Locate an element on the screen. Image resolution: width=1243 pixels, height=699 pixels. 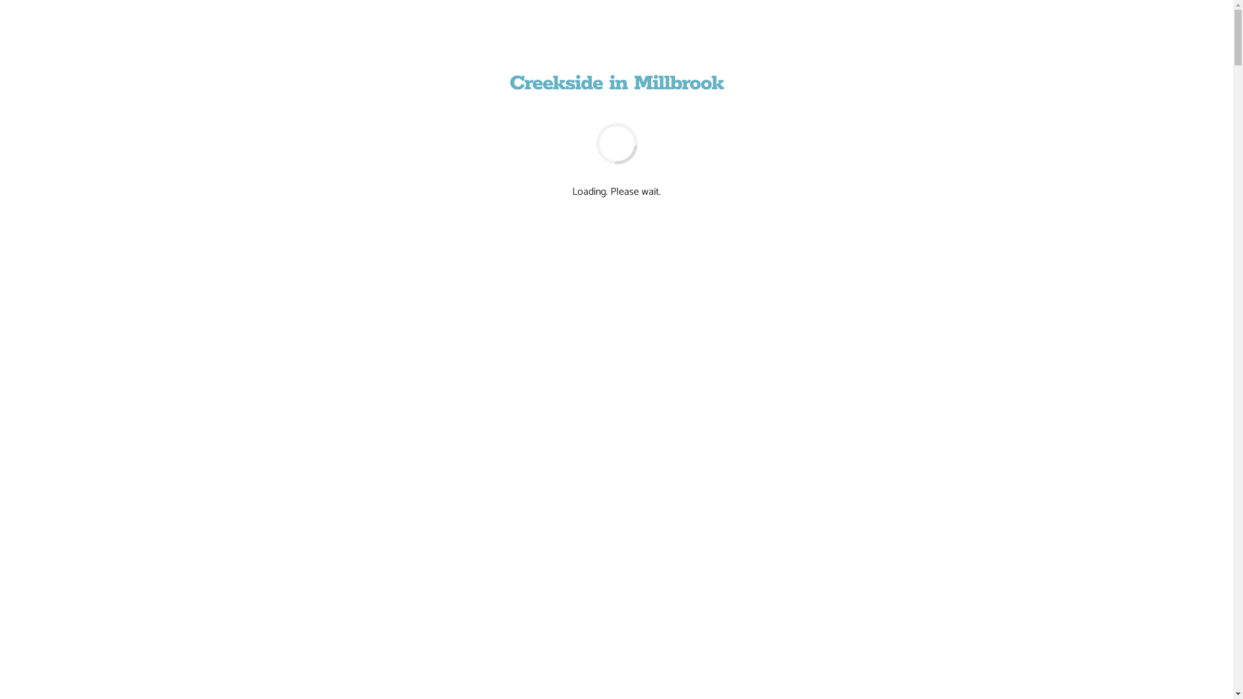
'CONTACT US' is located at coordinates (648, 516).